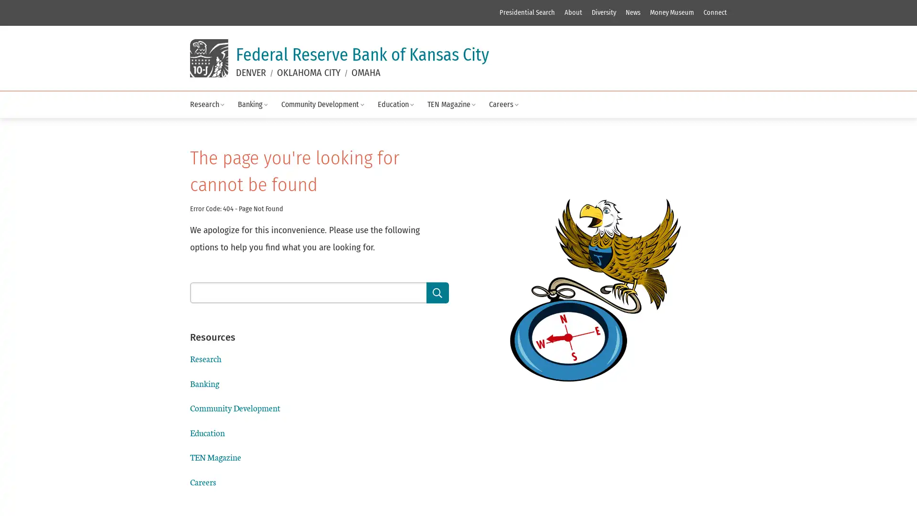 The width and height of the screenshot is (917, 516). Describe the element at coordinates (395, 104) in the screenshot. I see `Education` at that location.